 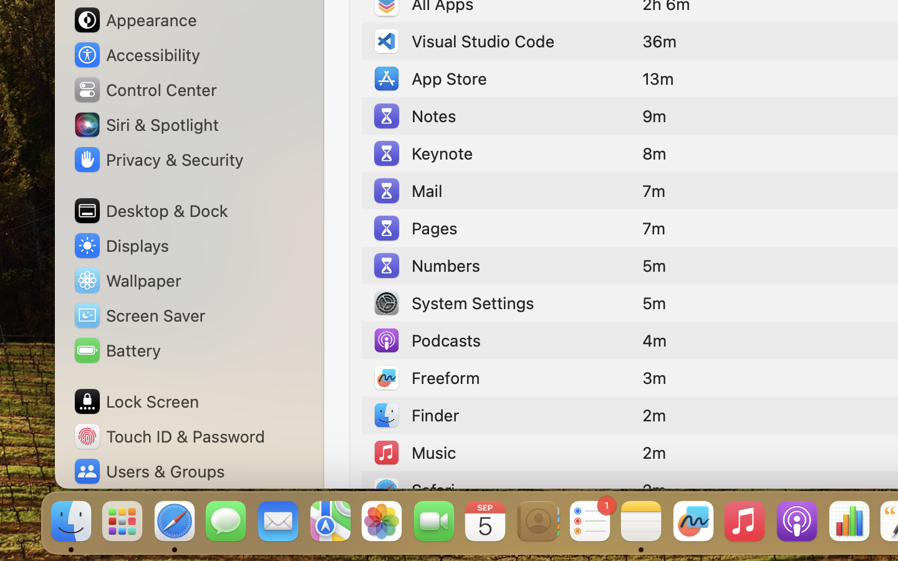 I want to click on 'Touch ID & Password', so click(x=168, y=436).